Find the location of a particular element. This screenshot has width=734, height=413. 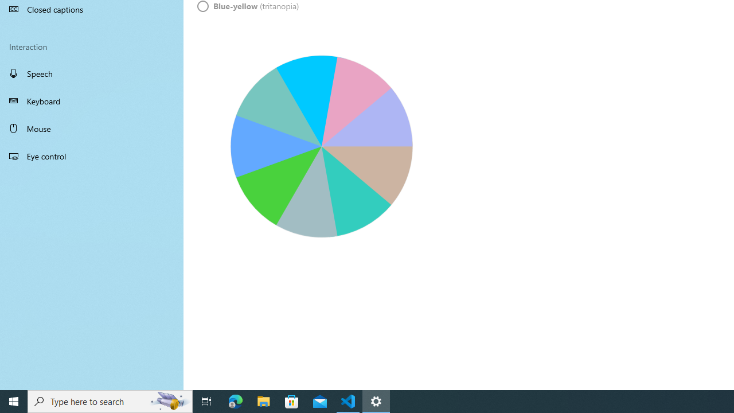

'Visual Studio Code - 1 running window' is located at coordinates (348, 400).